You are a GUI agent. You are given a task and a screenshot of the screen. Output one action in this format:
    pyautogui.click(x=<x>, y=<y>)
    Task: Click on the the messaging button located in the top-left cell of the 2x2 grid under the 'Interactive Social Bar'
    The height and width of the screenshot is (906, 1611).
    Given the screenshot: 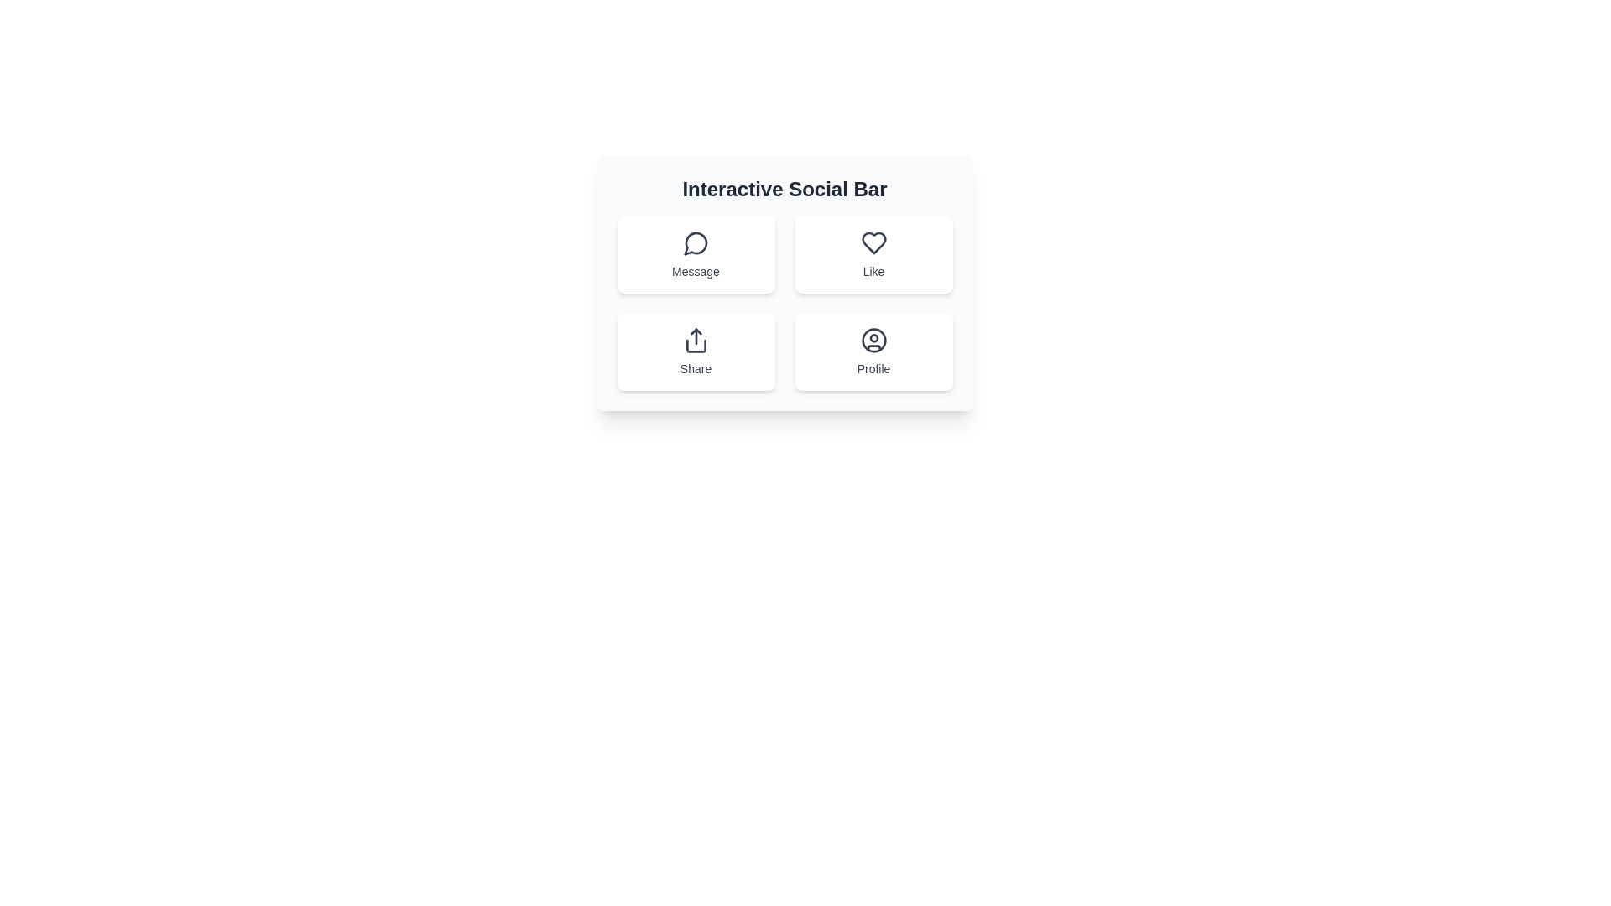 What is the action you would take?
    pyautogui.click(x=696, y=255)
    